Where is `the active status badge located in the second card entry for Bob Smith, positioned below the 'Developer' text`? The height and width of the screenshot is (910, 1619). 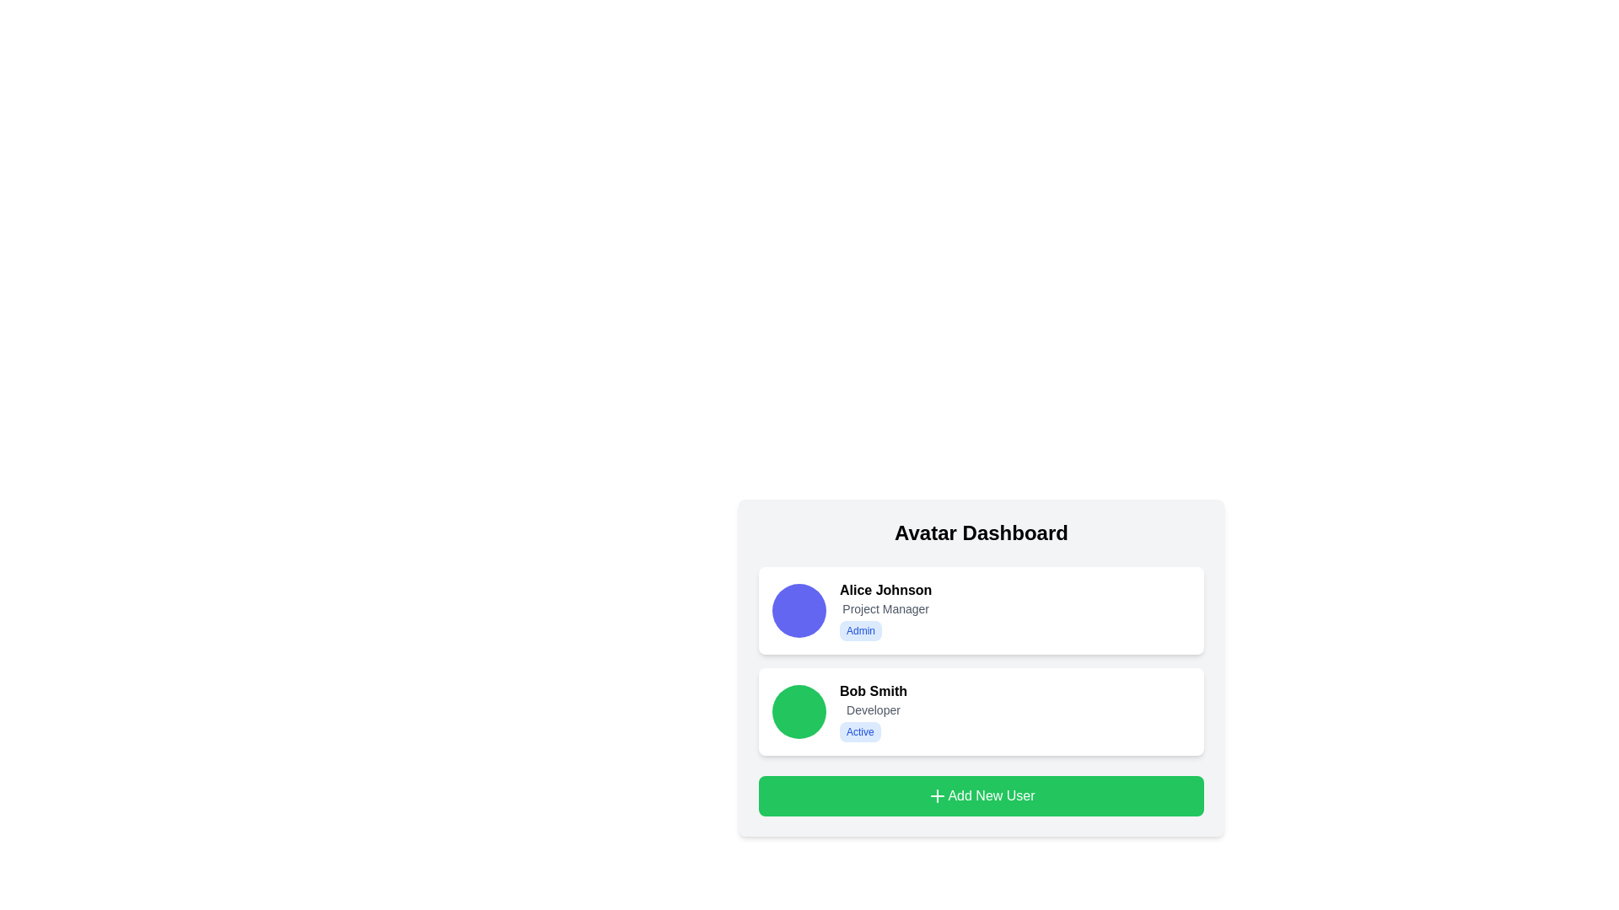
the active status badge located in the second card entry for Bob Smith, positioned below the 'Developer' text is located at coordinates (860, 731).